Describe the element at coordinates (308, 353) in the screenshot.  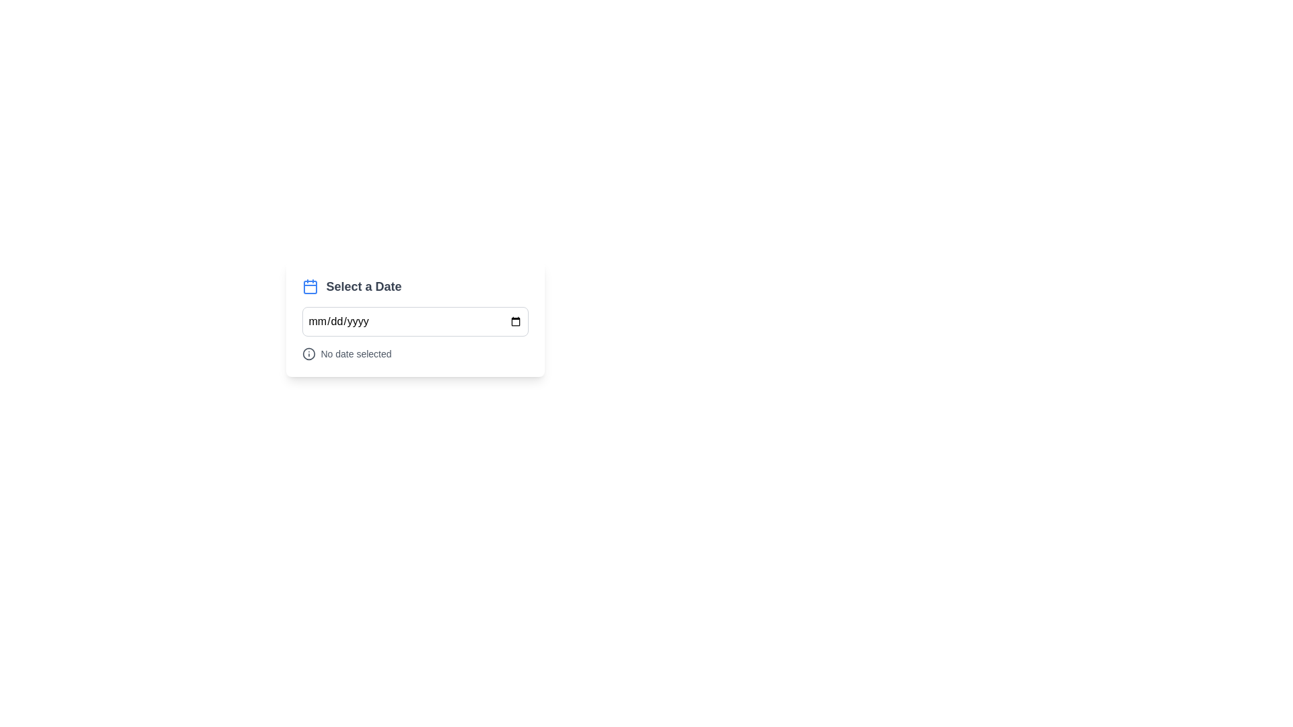
I see `the circular SVG icon representing an information or notification symbol, which is located to the left of the label 'No date selected'` at that location.